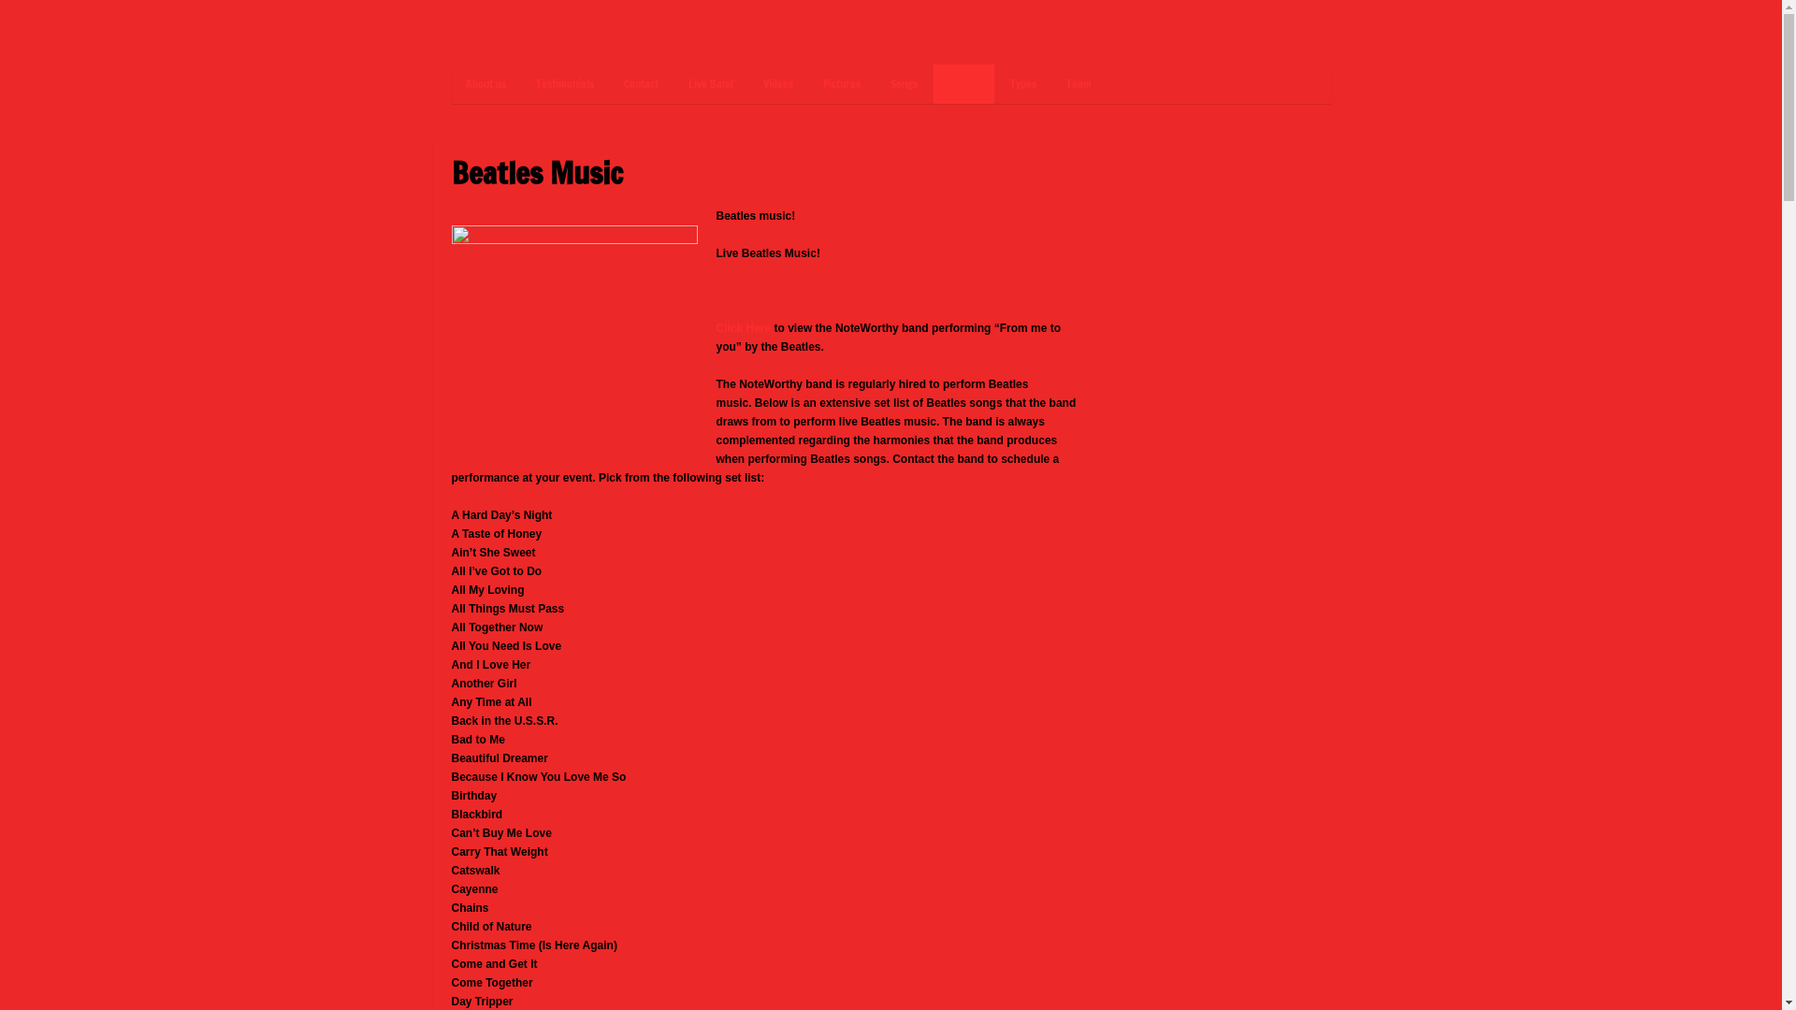 The image size is (1796, 1010). Describe the element at coordinates (934, 82) in the screenshot. I see `'Genres'` at that location.